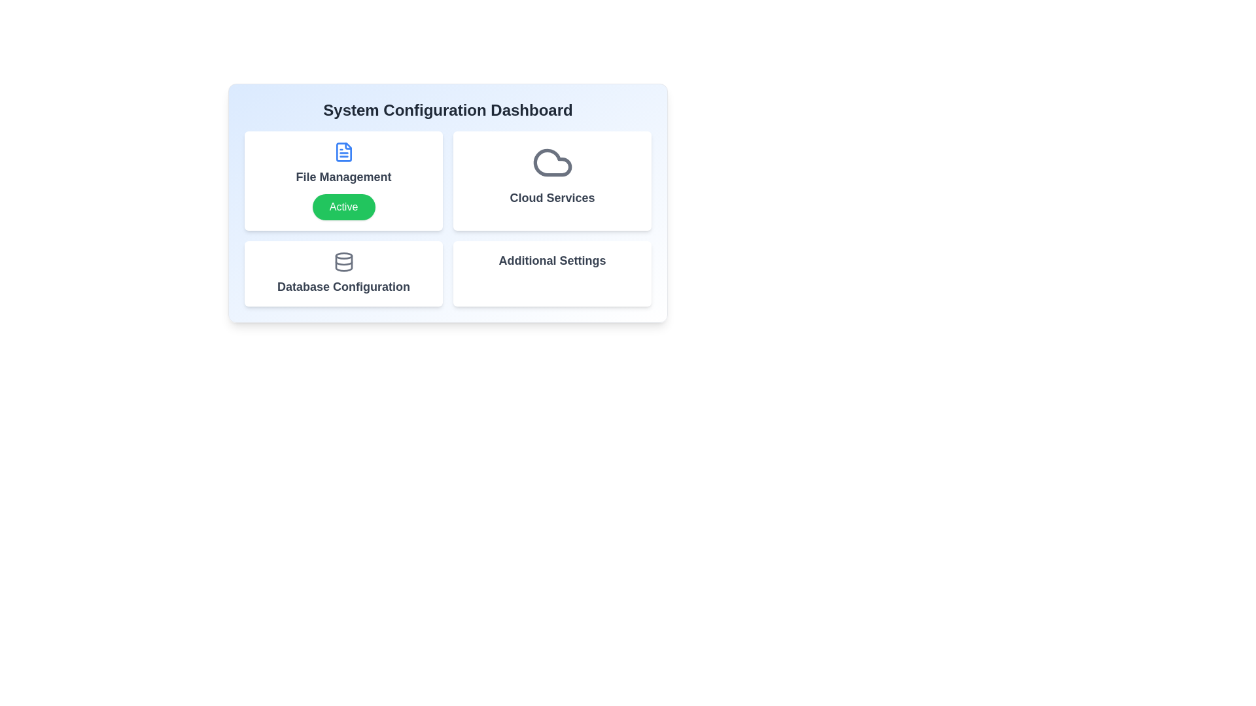 The height and width of the screenshot is (706, 1256). What do you see at coordinates (552, 181) in the screenshot?
I see `the 'Cloud Services' informational card located in the top-right position of the grid, adjacent to the 'File Management' card on its left` at bounding box center [552, 181].